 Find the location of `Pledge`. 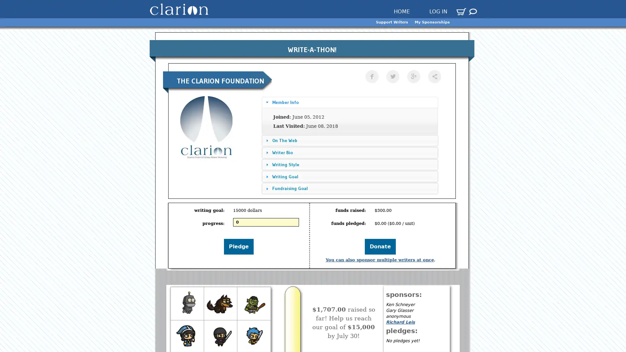

Pledge is located at coordinates (238, 246).